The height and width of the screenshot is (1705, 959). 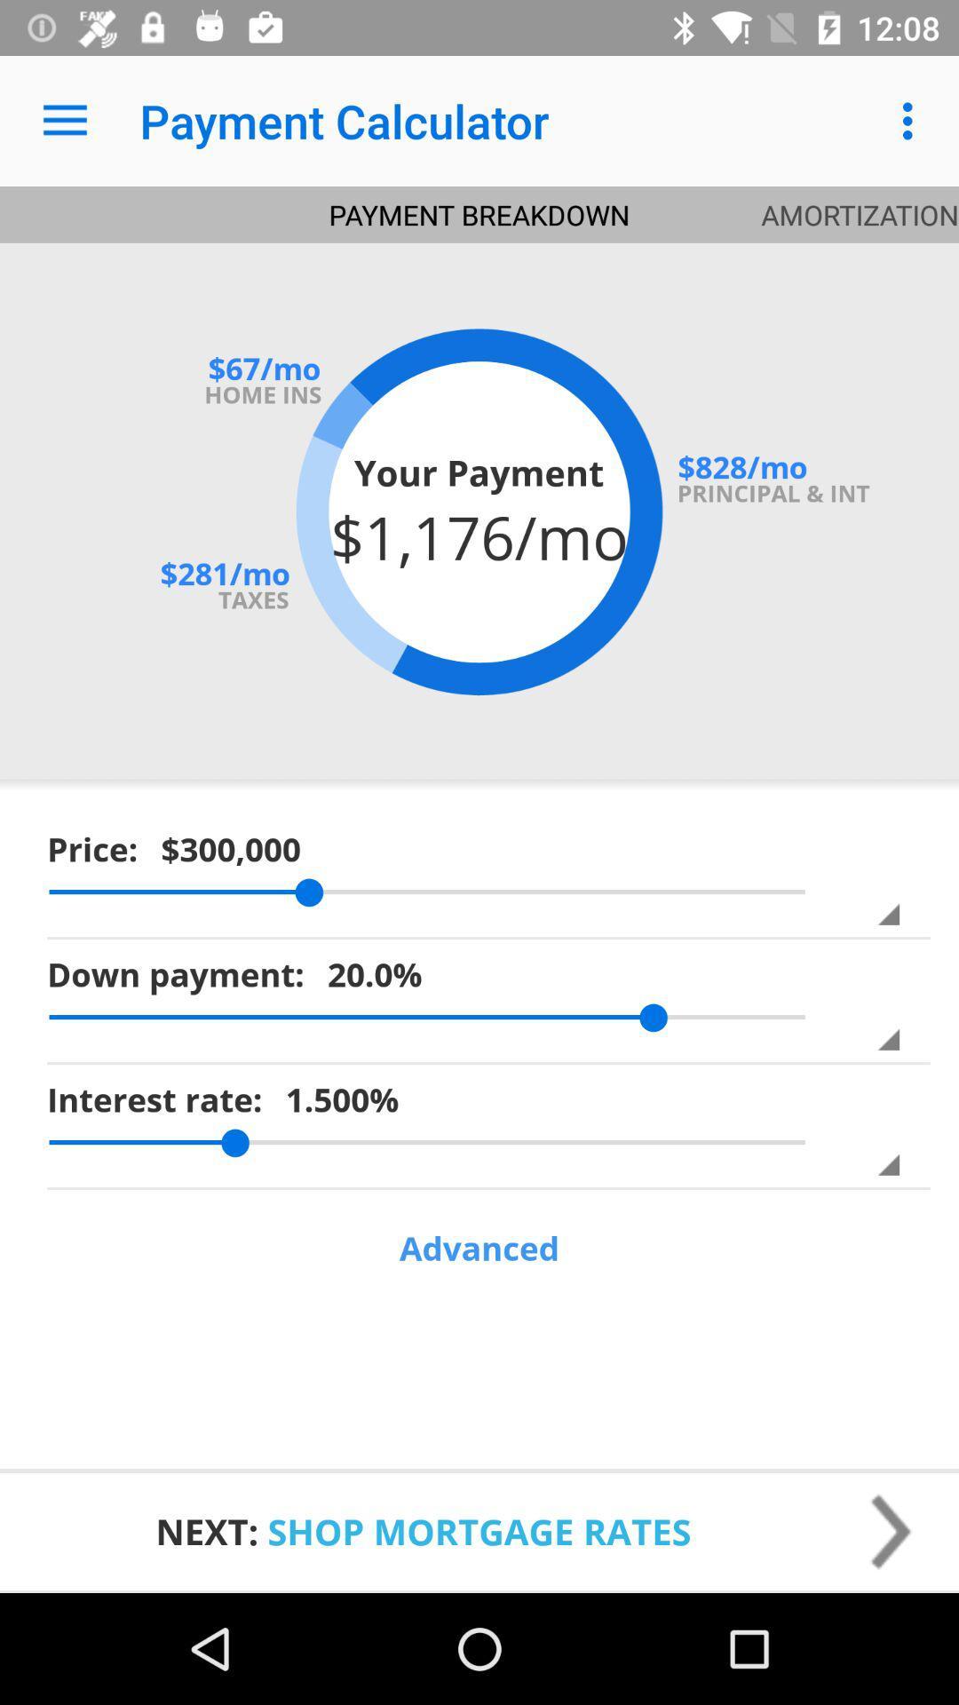 I want to click on icon to the left of the payment calculator, so click(x=64, y=120).